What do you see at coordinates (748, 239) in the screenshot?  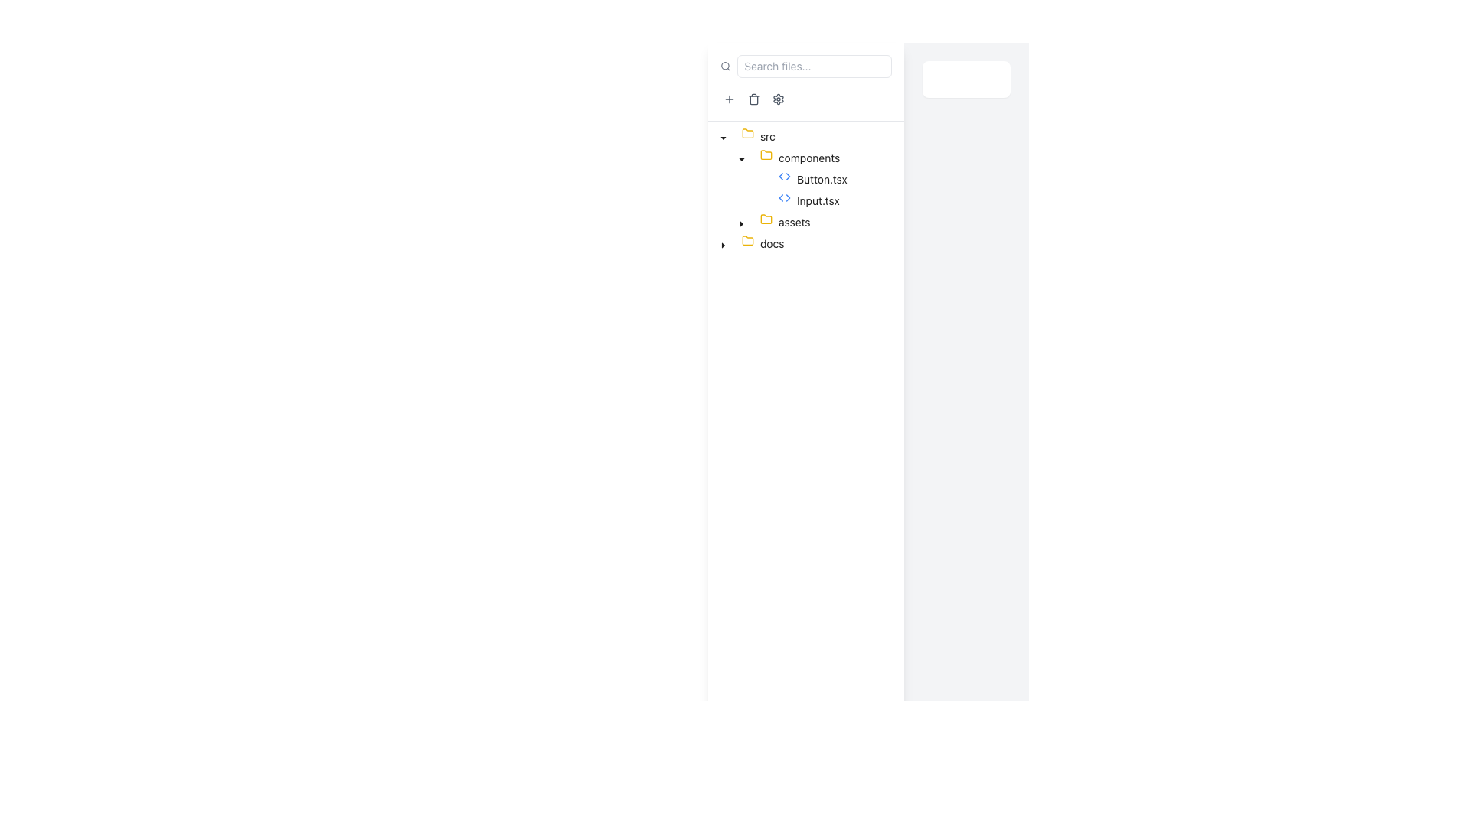 I see `the icon representing the 'src' folder in the file tree` at bounding box center [748, 239].